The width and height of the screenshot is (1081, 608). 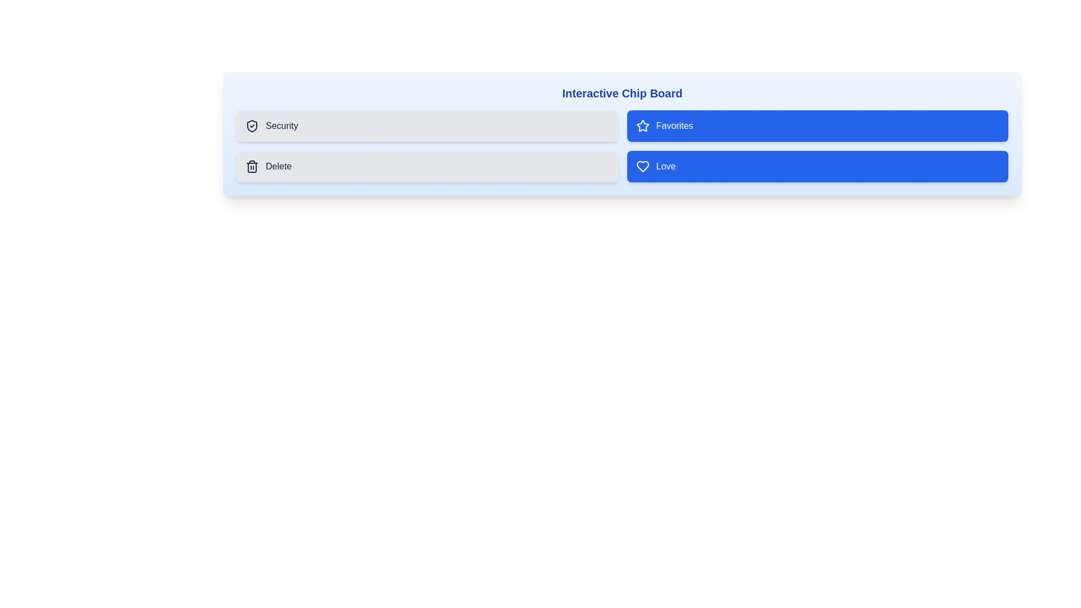 What do you see at coordinates (251, 126) in the screenshot?
I see `the chip to highlight its associated icon` at bounding box center [251, 126].